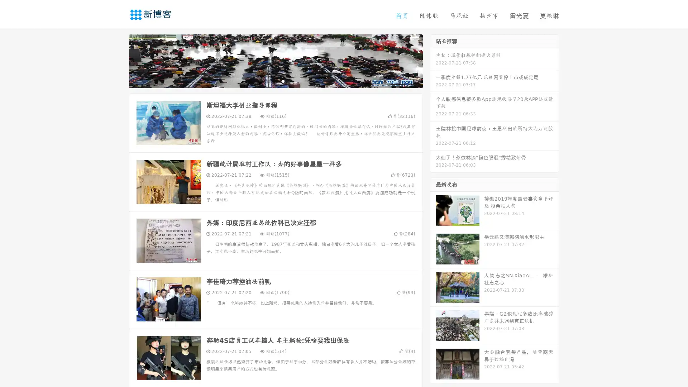 The height and width of the screenshot is (387, 688). I want to click on Go to slide 1, so click(268, 81).